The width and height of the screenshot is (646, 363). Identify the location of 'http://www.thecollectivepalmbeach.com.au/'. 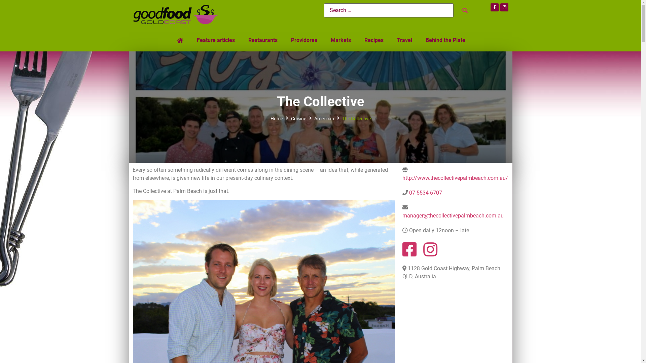
(455, 177).